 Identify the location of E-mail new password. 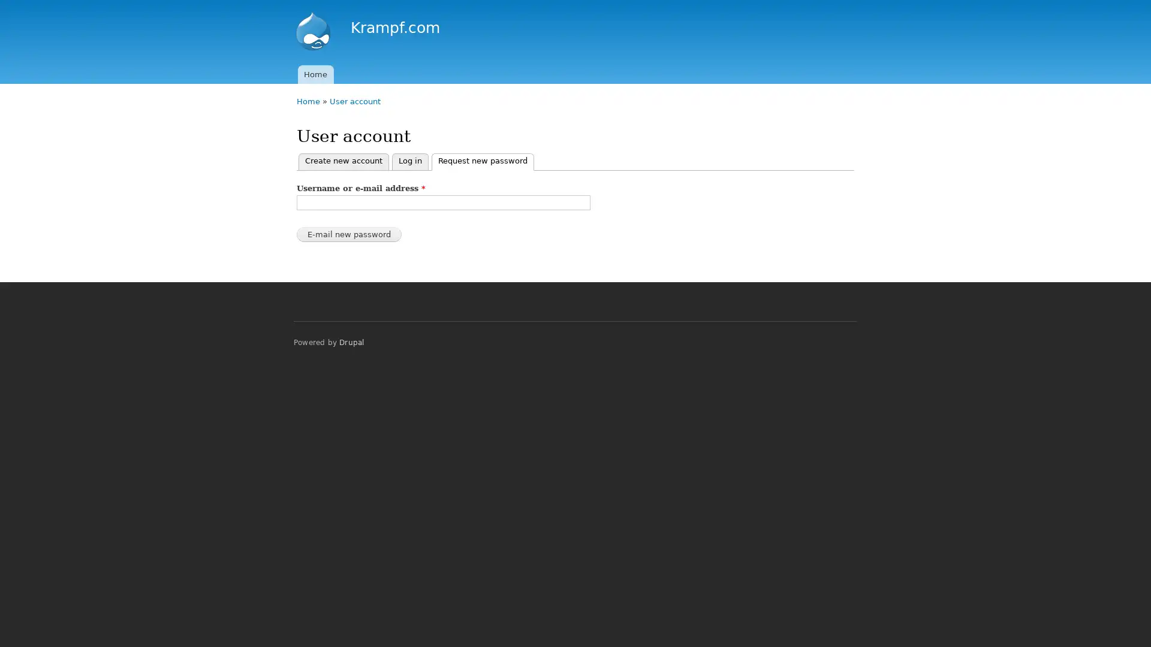
(348, 234).